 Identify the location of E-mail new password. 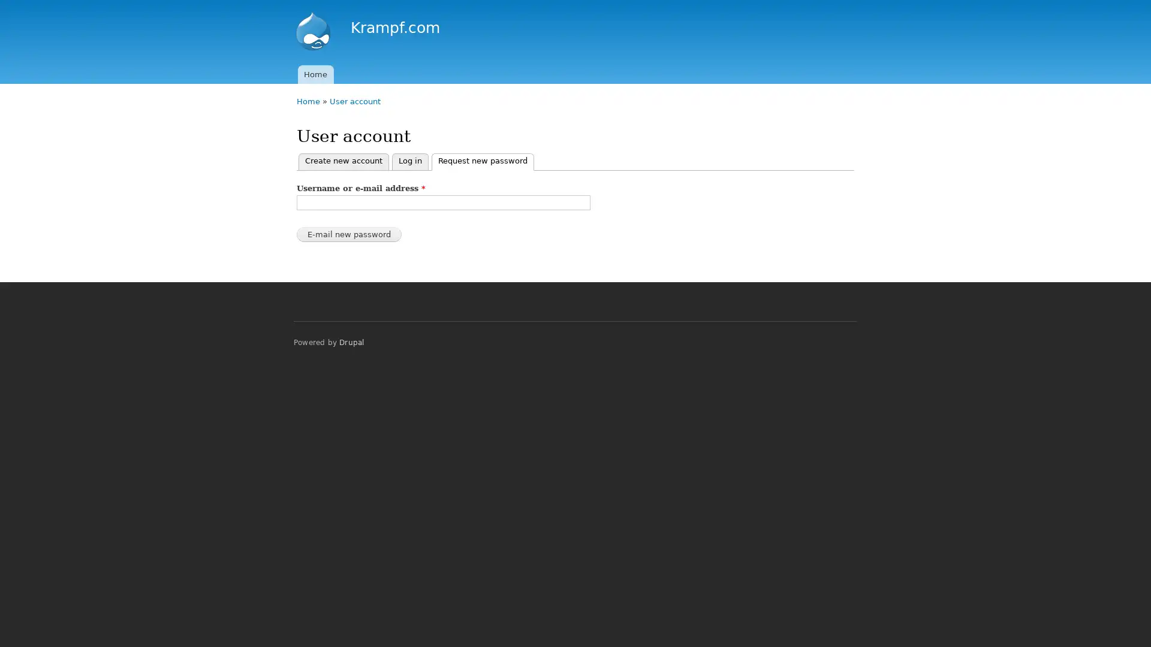
(348, 234).